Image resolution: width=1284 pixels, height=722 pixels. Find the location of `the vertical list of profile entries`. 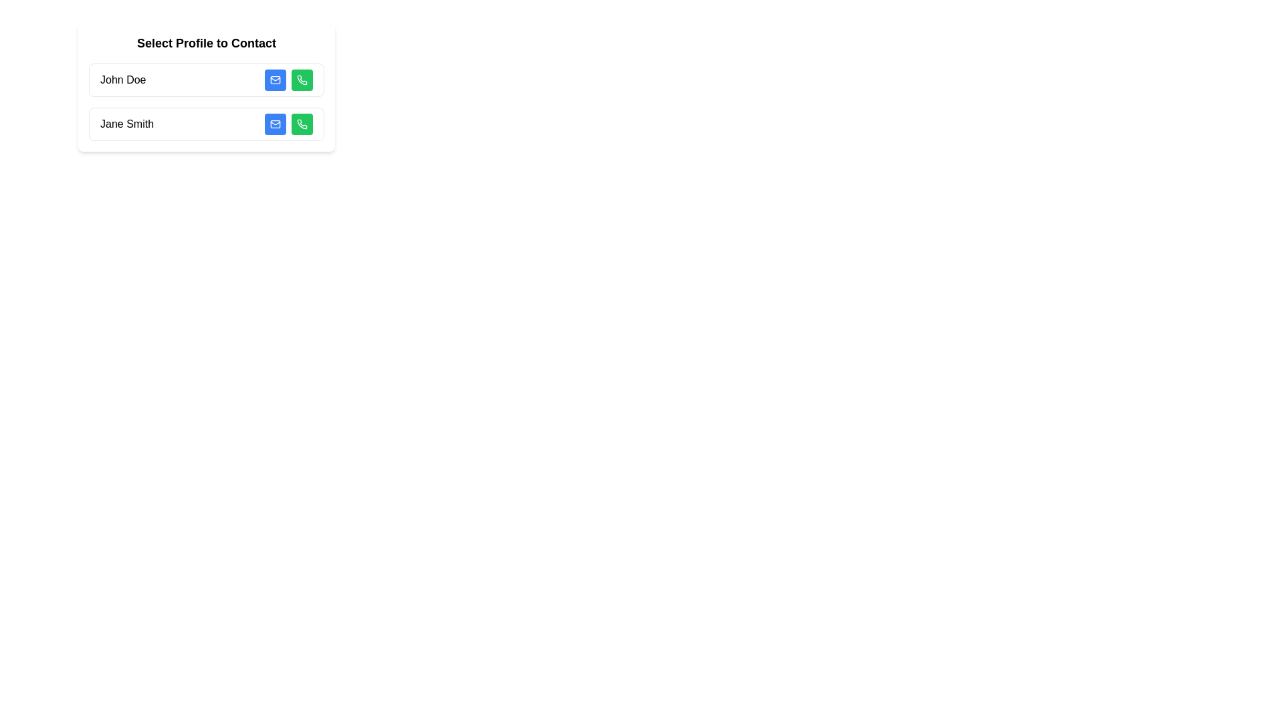

the vertical list of profile entries is located at coordinates (205, 102).